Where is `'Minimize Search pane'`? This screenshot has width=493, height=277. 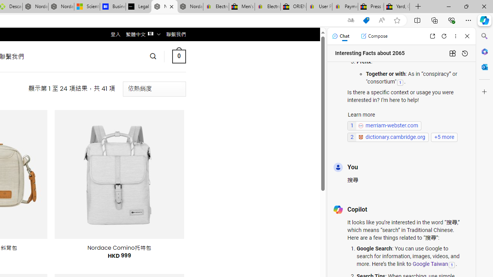 'Minimize Search pane' is located at coordinates (484, 36).